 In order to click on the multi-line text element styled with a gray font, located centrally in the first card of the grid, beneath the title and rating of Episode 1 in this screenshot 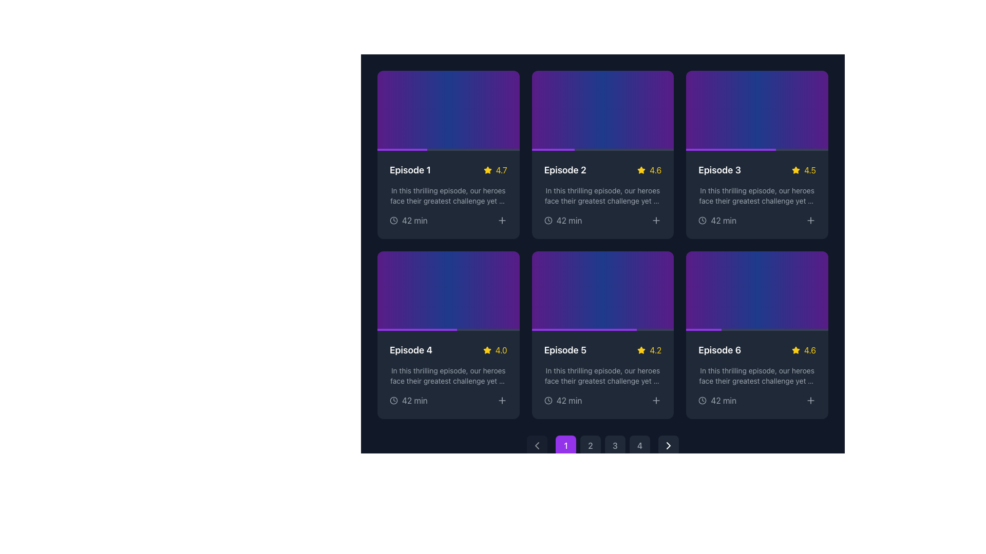, I will do `click(448, 195)`.